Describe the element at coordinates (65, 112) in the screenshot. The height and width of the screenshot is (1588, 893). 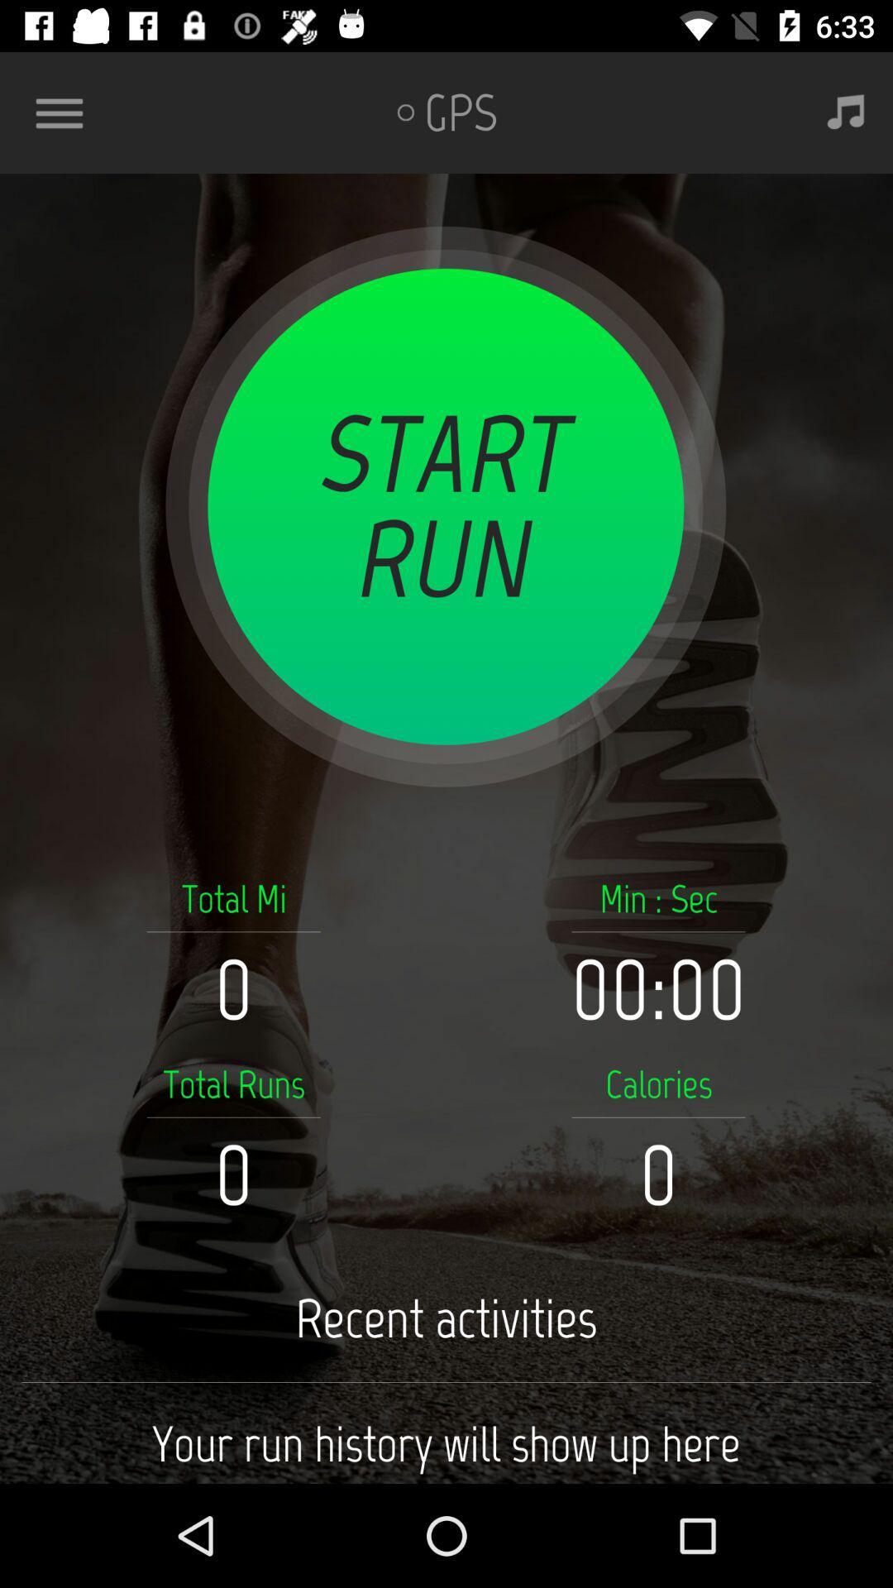
I see `show listings` at that location.